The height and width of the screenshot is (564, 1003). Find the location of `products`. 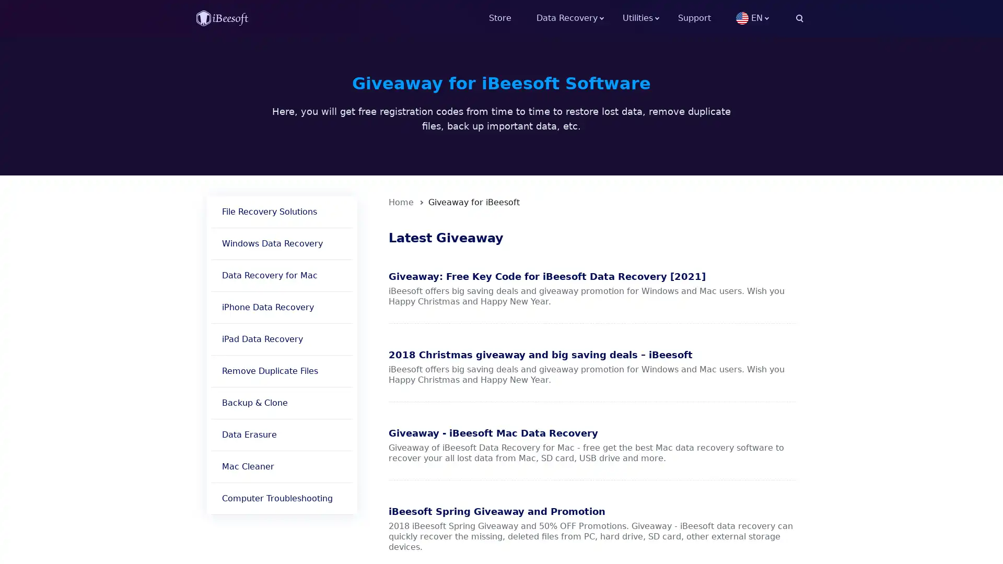

products is located at coordinates (649, 18).